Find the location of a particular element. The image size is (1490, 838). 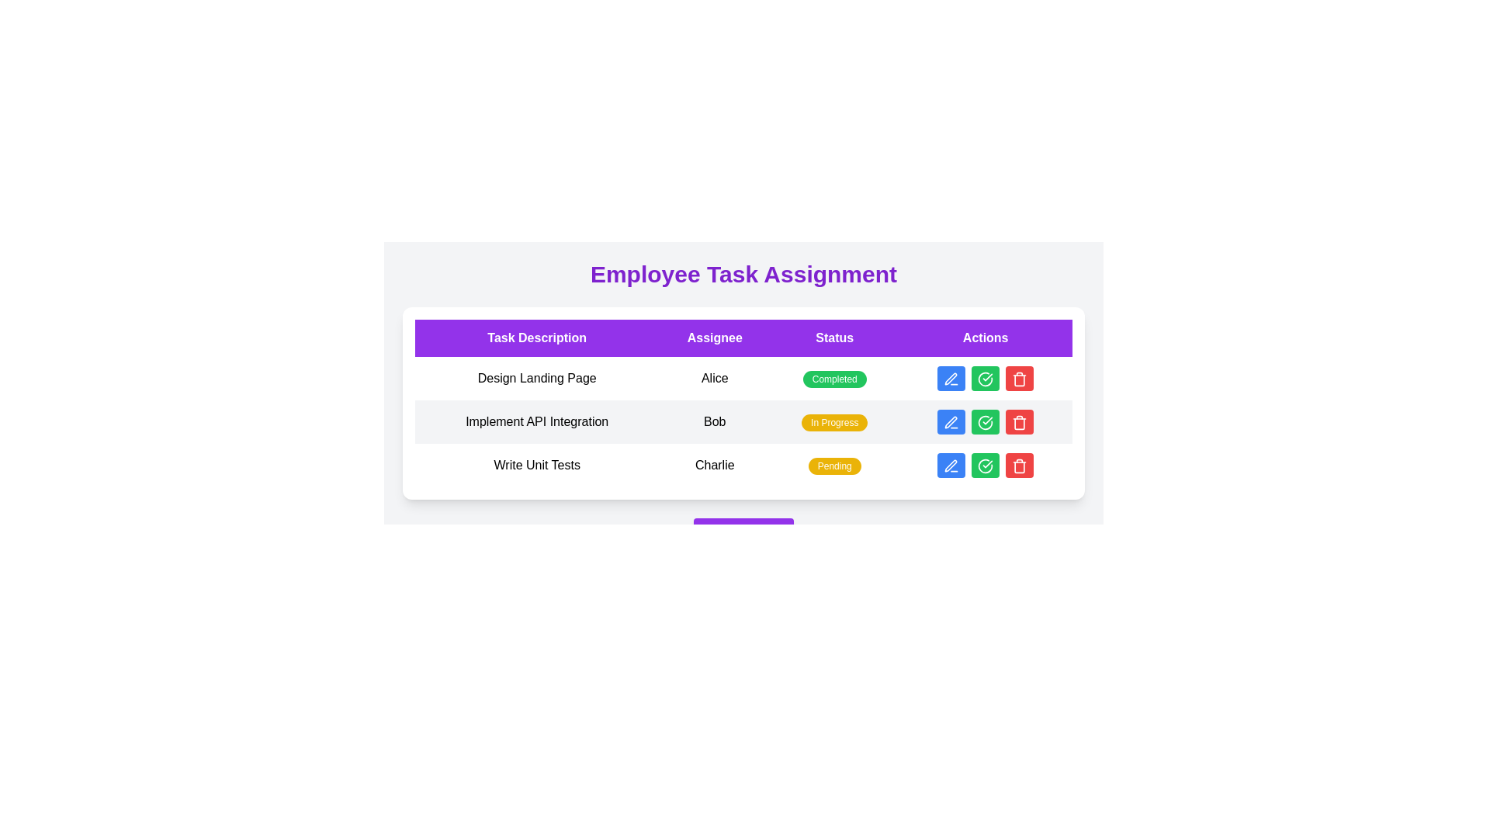

the 'Actions' text label, which is the last column header in the table layout, positioned at the top right with centered white text on a purple background is located at coordinates (985, 337).